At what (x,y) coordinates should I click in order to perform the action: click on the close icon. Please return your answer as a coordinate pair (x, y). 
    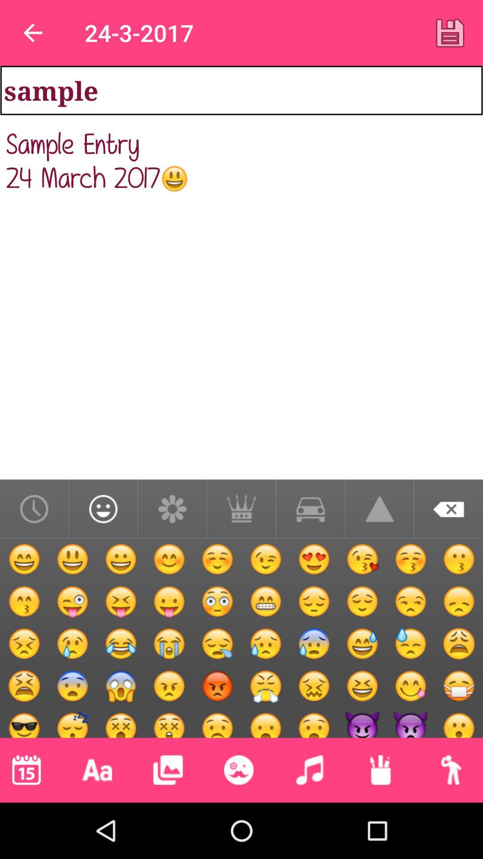
    Looking at the image, I should click on (449, 509).